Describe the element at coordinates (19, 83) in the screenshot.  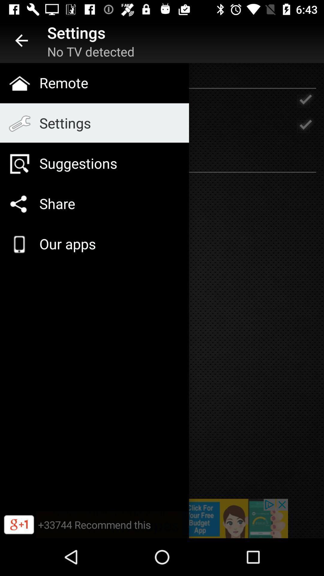
I see `home icon which is on left side of remote` at that location.